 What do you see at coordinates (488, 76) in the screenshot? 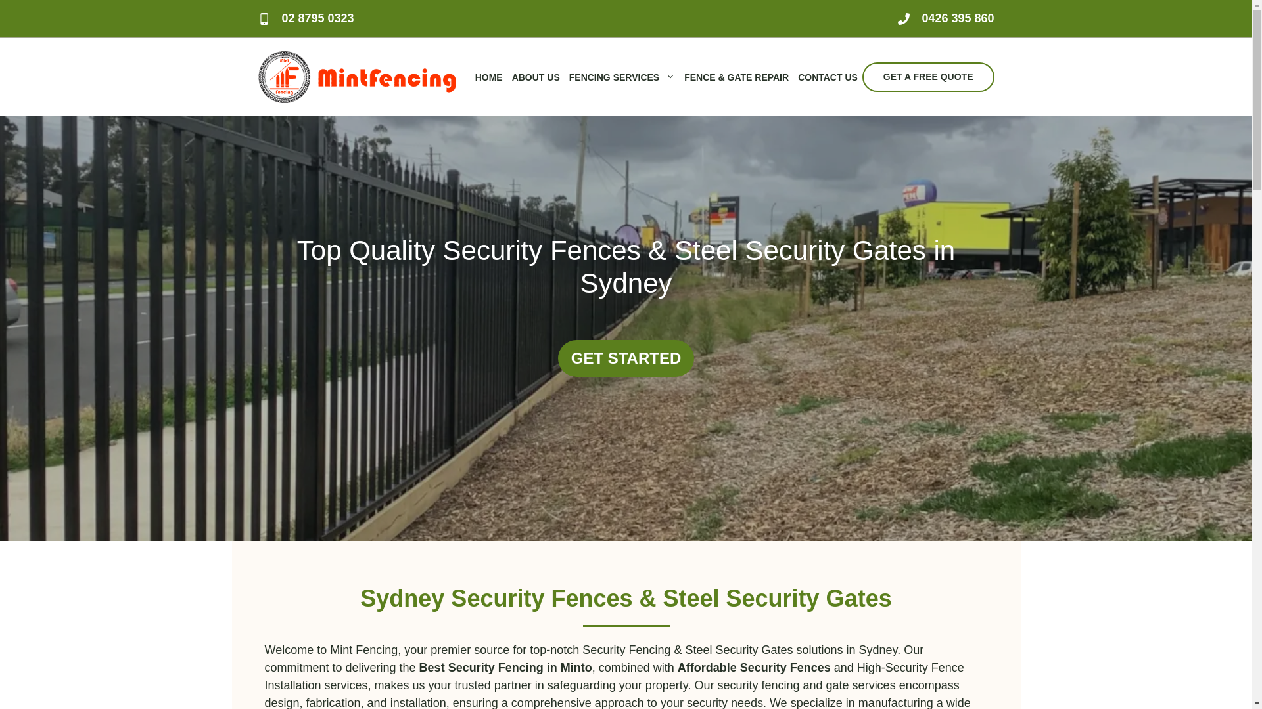
I see `'HOME'` at bounding box center [488, 76].